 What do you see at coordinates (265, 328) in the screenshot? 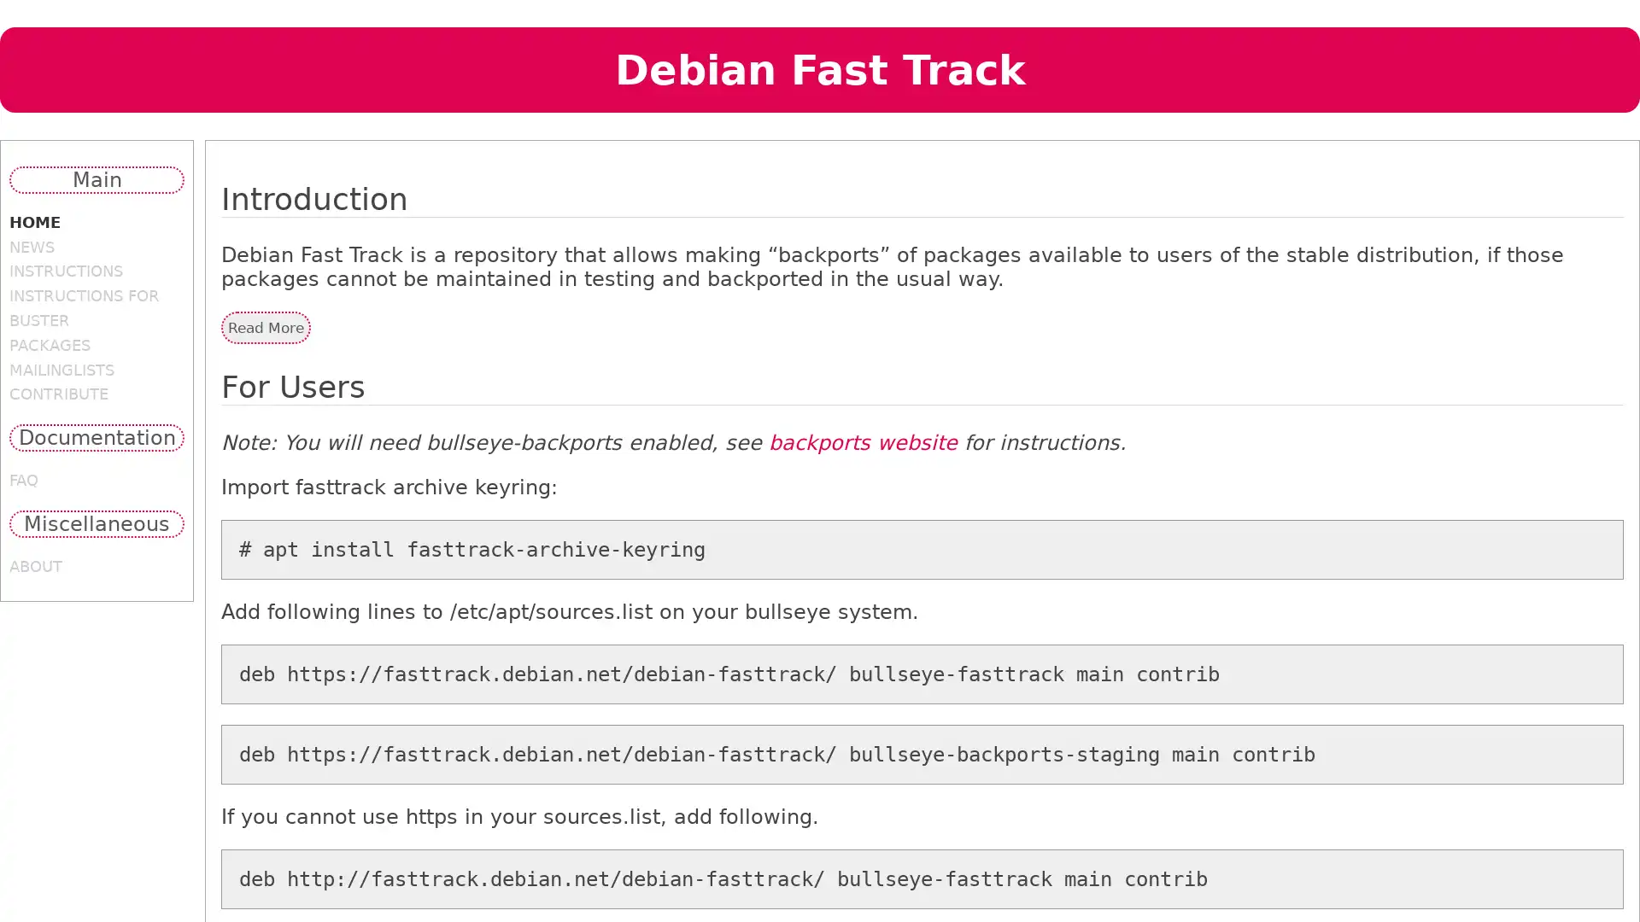
I see `Read More` at bounding box center [265, 328].